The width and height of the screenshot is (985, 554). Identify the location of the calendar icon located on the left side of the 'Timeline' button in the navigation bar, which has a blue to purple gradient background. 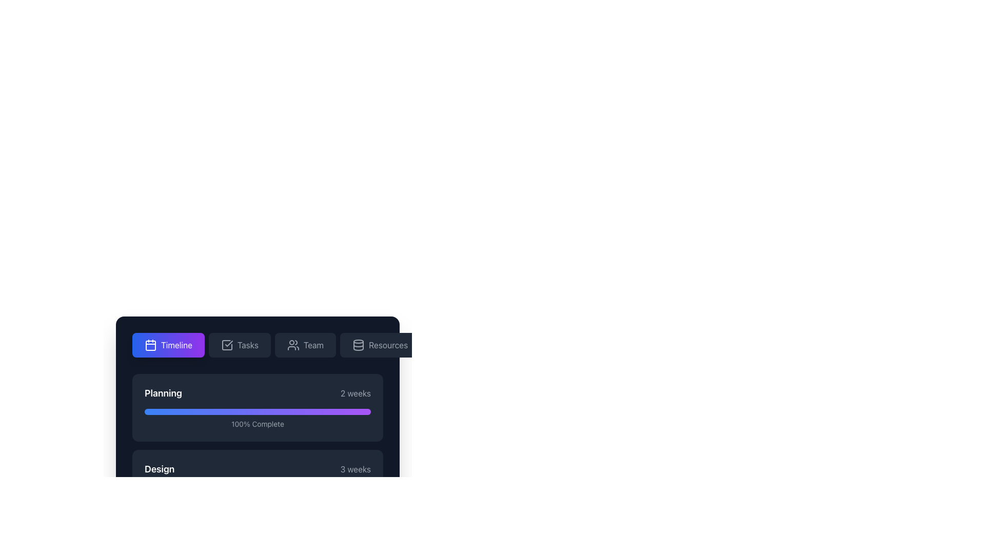
(150, 345).